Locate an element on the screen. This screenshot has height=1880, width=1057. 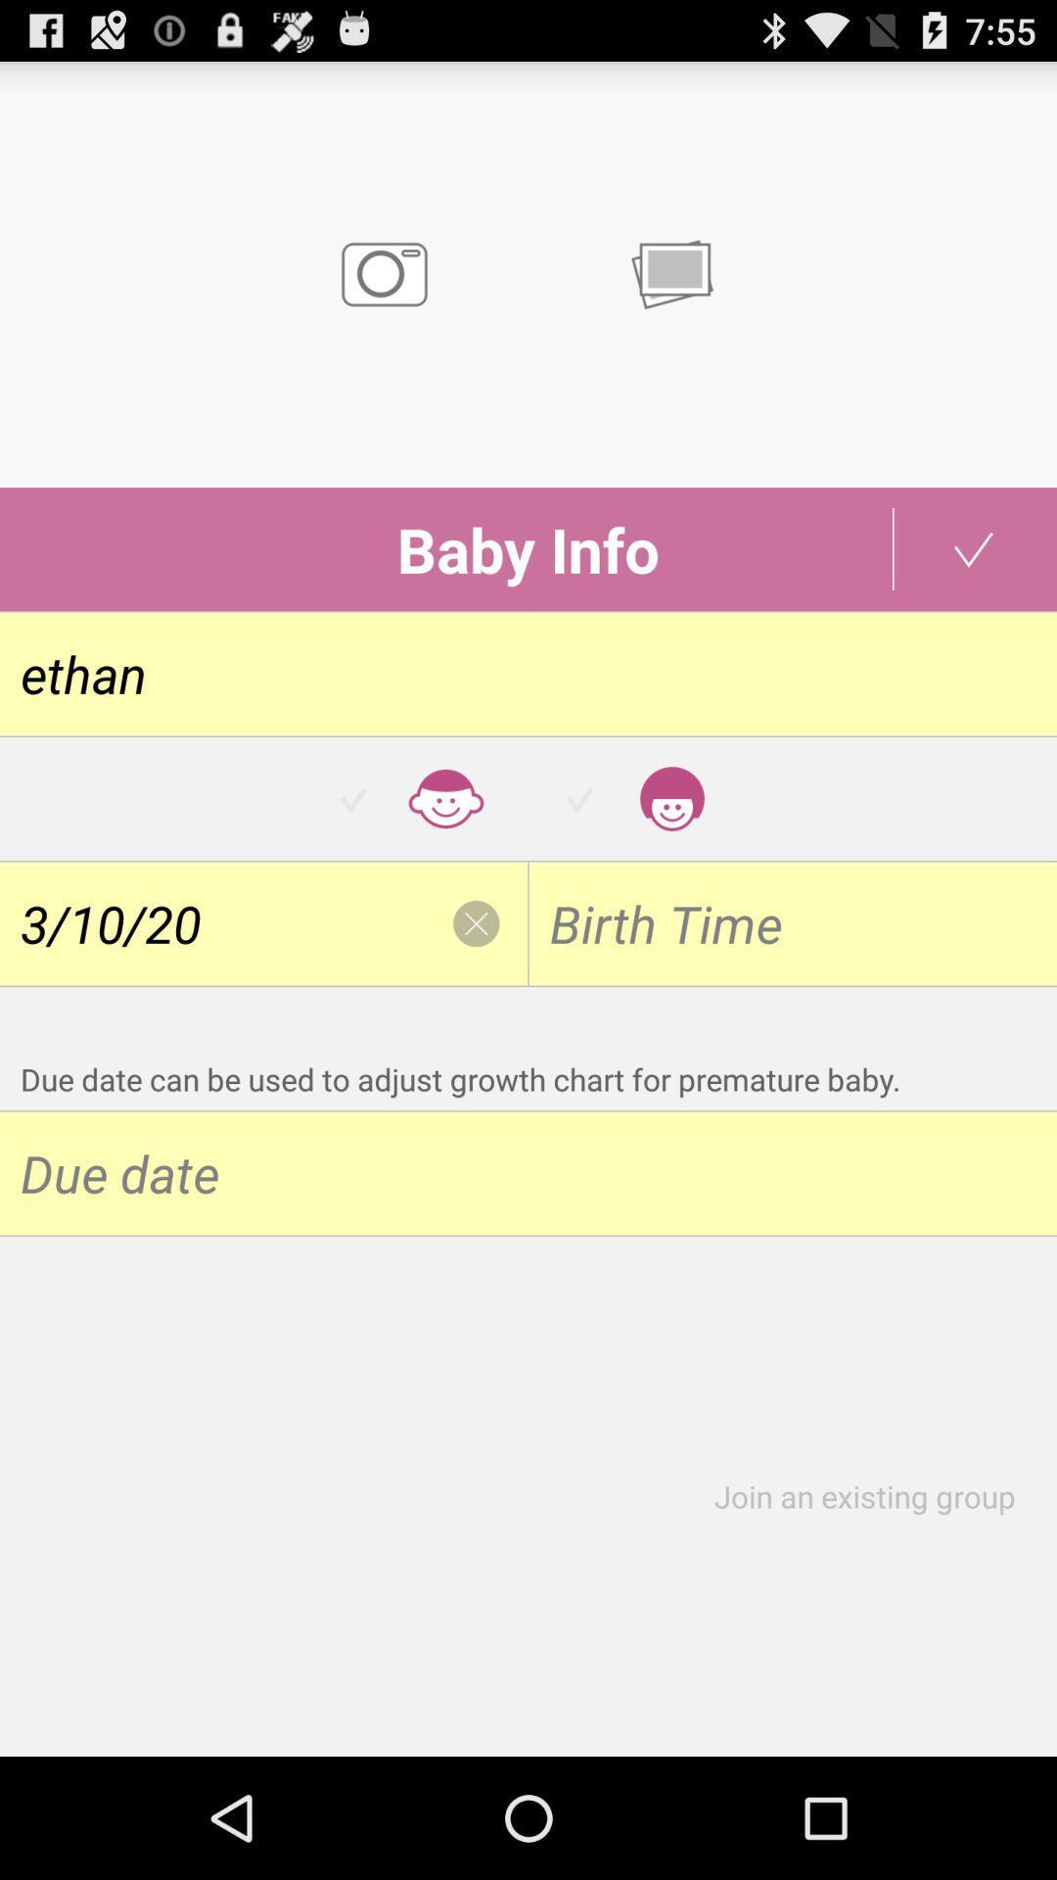
the photo icon is located at coordinates (385, 293).